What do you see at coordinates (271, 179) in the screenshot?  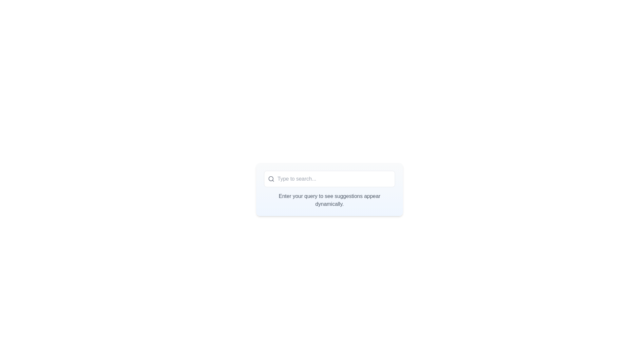 I see `the magnifying glass icon, which is styled with a thin circular handle and open lens outline, located on the left side of the search bar` at bounding box center [271, 179].